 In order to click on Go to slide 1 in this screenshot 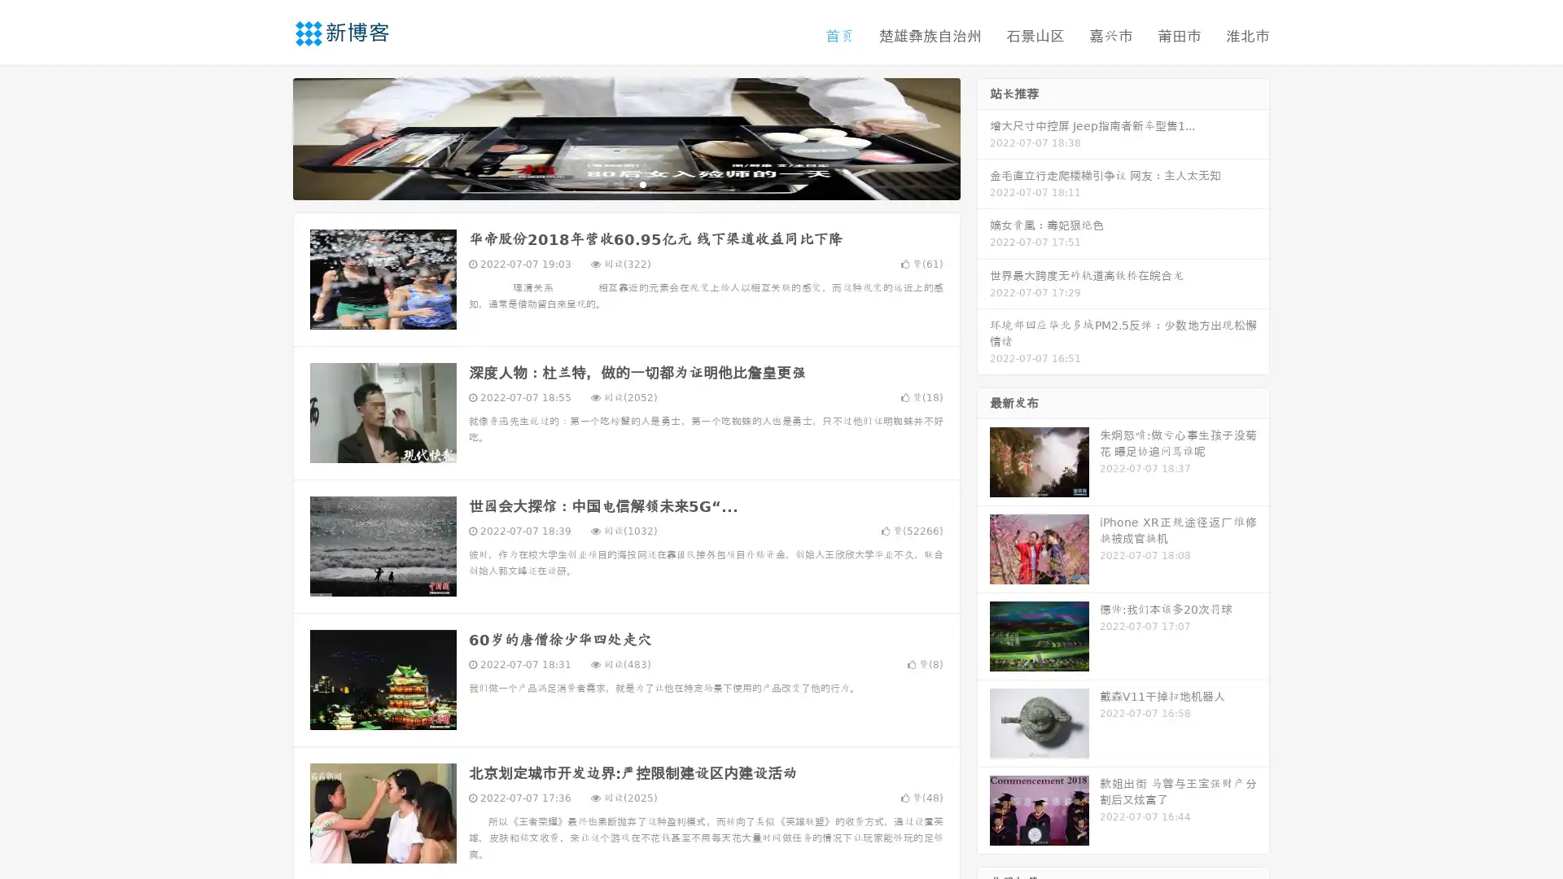, I will do `click(609, 183)`.